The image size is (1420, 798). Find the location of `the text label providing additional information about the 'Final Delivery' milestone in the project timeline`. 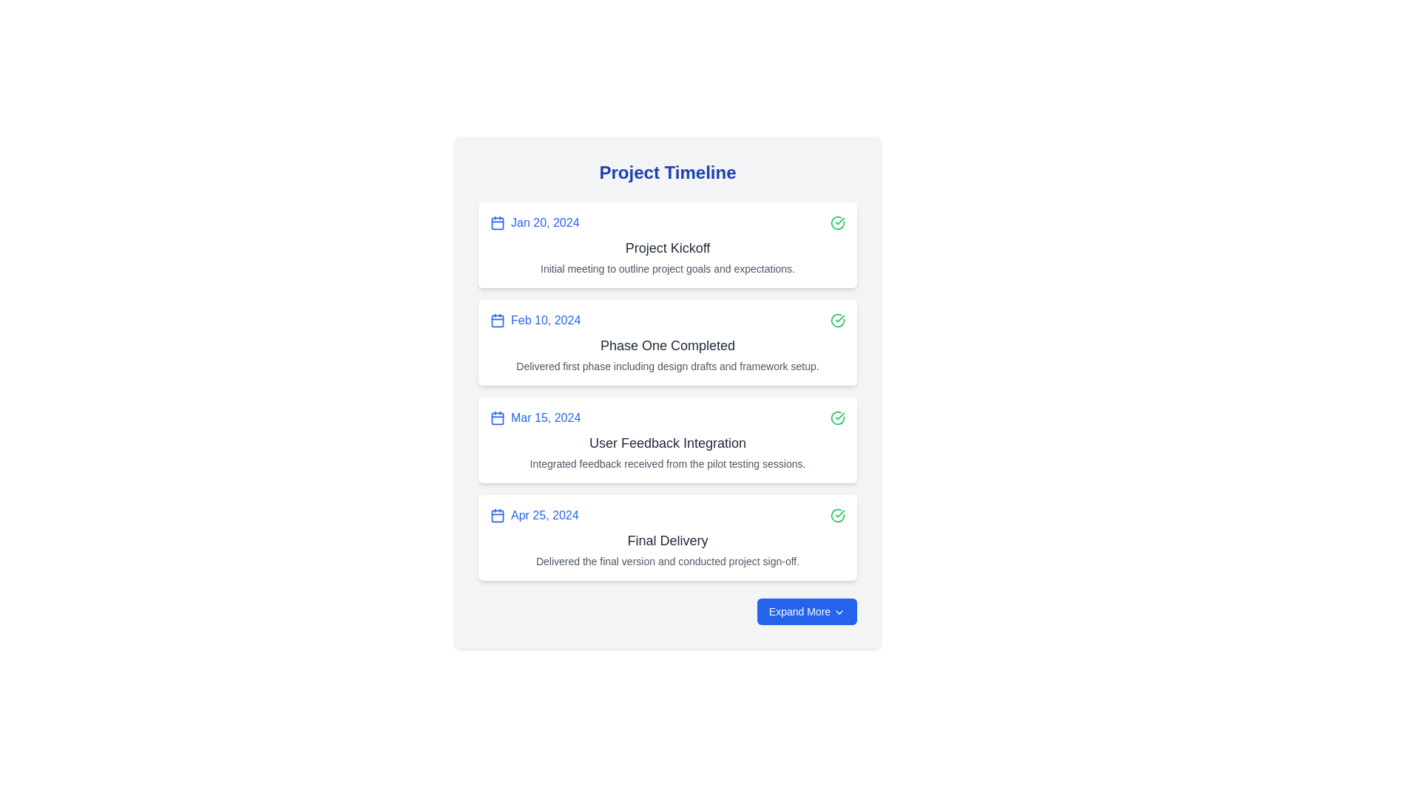

the text label providing additional information about the 'Final Delivery' milestone in the project timeline is located at coordinates (666, 561).